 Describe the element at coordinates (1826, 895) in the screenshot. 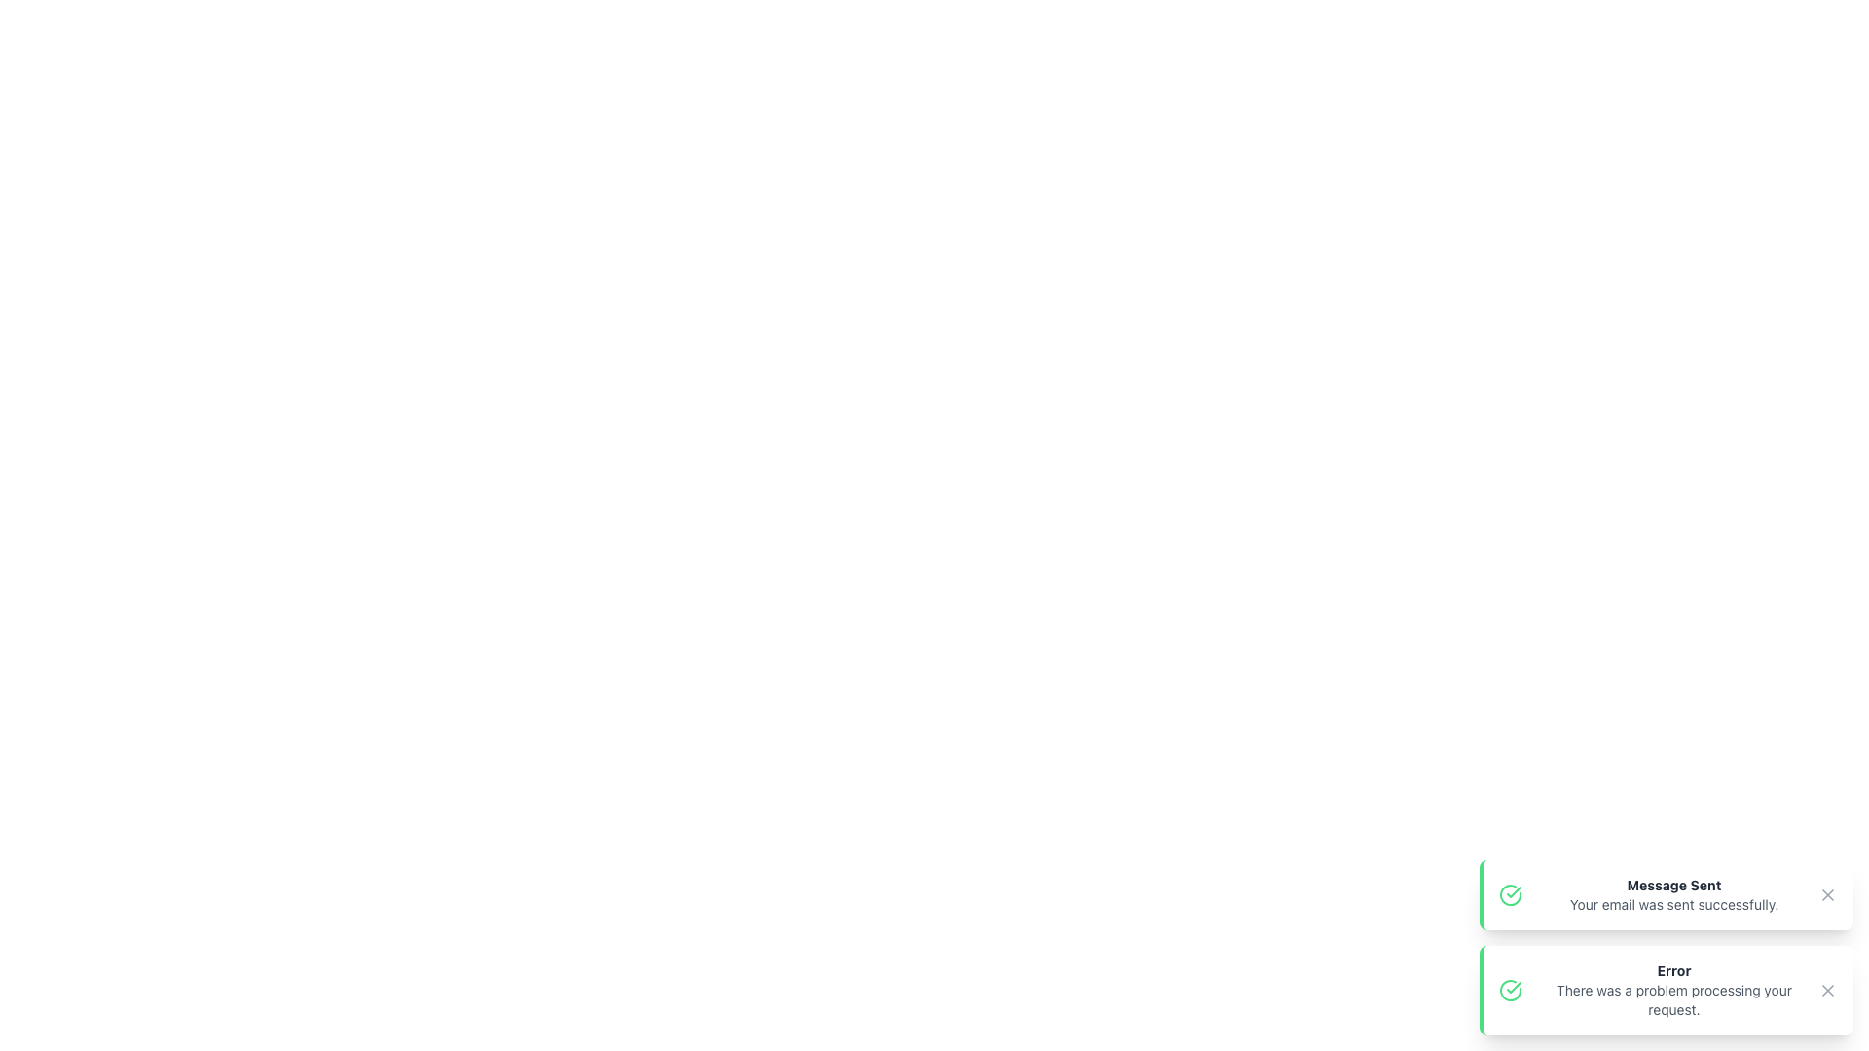

I see `the close icon in the top-right corner of the 'Message Sent' notification box` at that location.